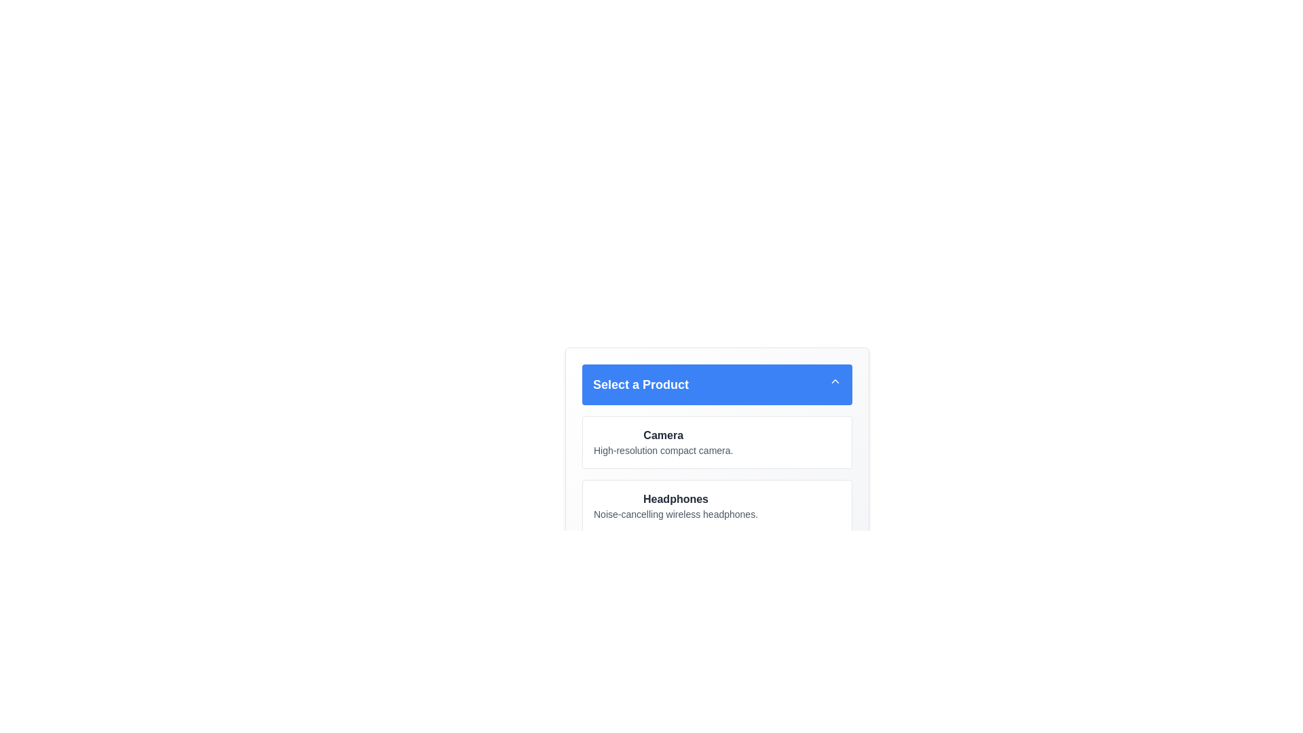  Describe the element at coordinates (834, 381) in the screenshot. I see `the small upward-pointing triangular icon located at the top-right corner of the 'Select a Product' button` at that location.